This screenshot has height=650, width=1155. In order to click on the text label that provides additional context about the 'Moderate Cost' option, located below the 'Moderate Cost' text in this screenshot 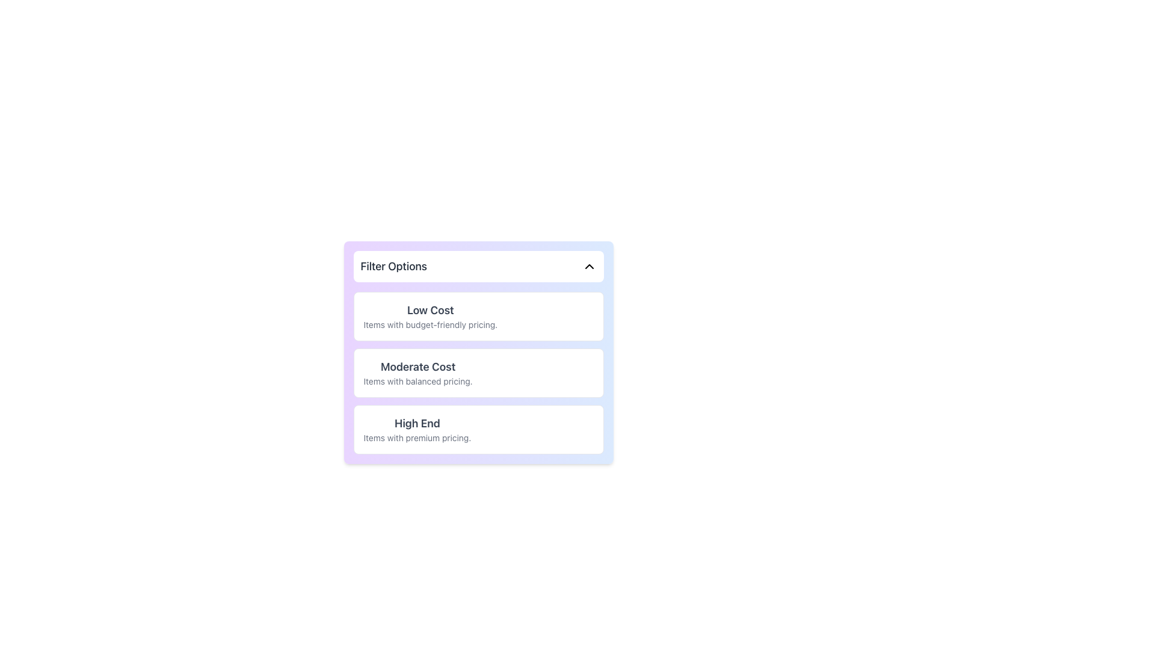, I will do `click(418, 381)`.